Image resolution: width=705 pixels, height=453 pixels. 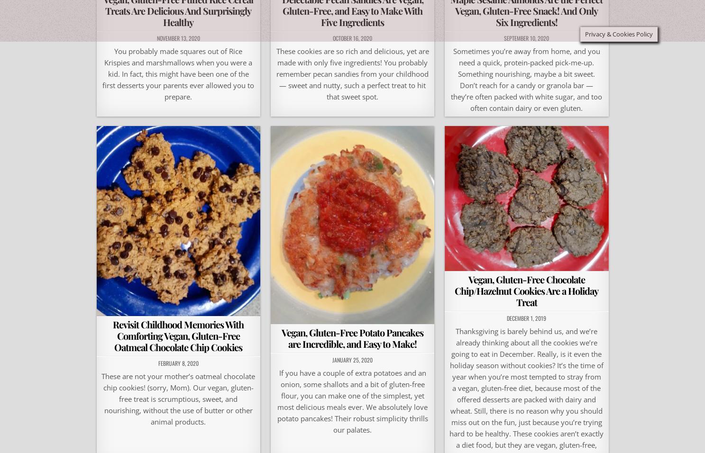 What do you see at coordinates (526, 79) in the screenshot?
I see `'Sometimes you’re away from home, and you need a quick, protein-packed pick-me-up. Something nourishing, maybe a bit sweet. Don’t reach for a candy or granola bar — they’re often packed with white sugar, and too often contain dairy or even gluten.'` at bounding box center [526, 79].